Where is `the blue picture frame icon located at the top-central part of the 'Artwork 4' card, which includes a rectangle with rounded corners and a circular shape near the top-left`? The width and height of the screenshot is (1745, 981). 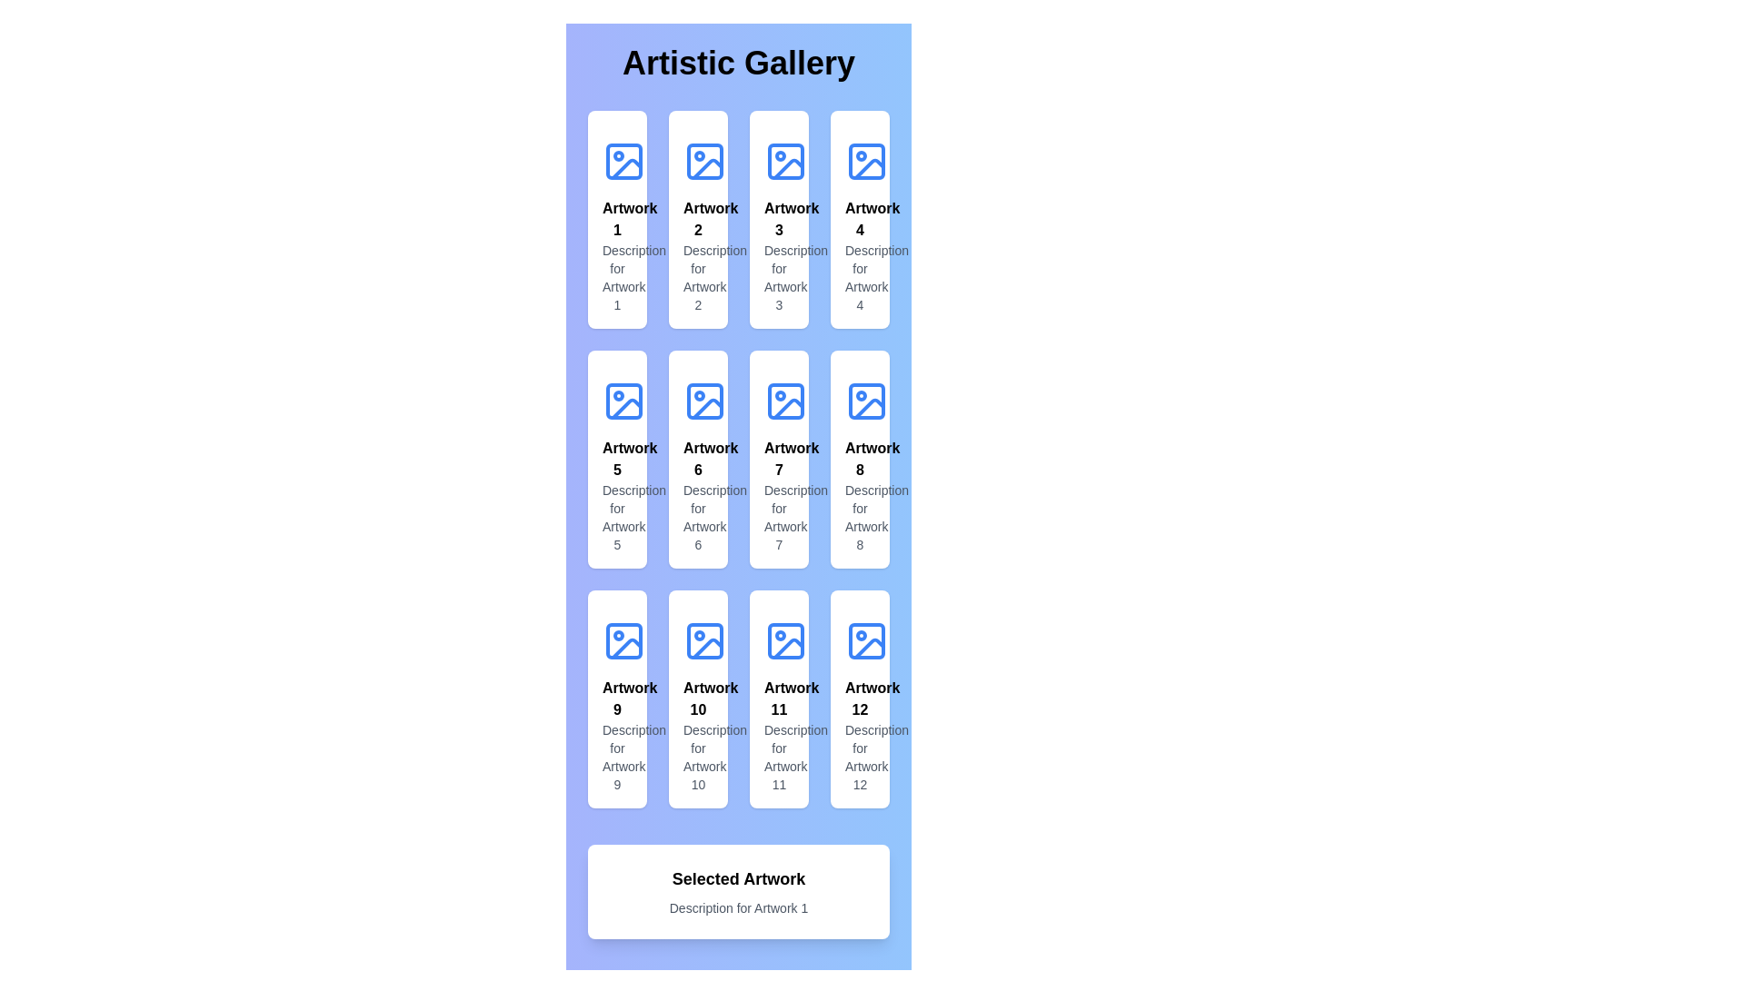 the blue picture frame icon located at the top-central part of the 'Artwork 4' card, which includes a rectangle with rounded corners and a circular shape near the top-left is located at coordinates (866, 160).